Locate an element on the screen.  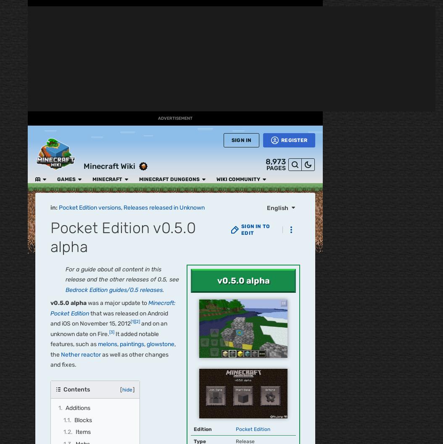
'More Fandoms' is located at coordinates (54, 57).